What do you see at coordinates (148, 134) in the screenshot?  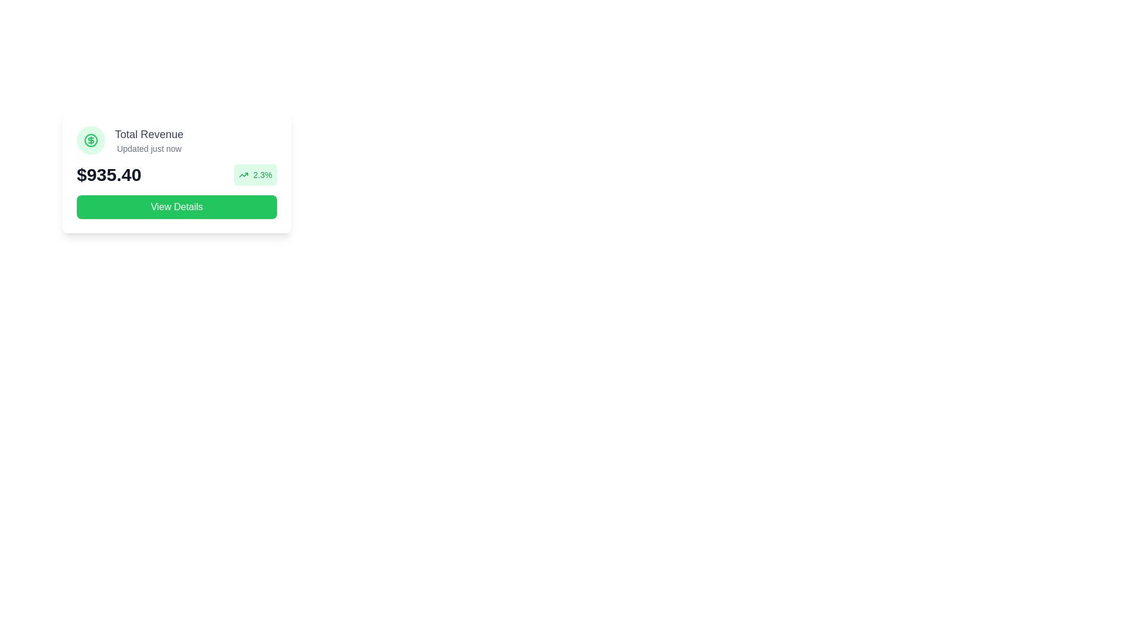 I see `the text label reading 'Total Revenue' which is prominently displayed in a medium-sized dark gray font at the top-left of a card-like section` at bounding box center [148, 134].